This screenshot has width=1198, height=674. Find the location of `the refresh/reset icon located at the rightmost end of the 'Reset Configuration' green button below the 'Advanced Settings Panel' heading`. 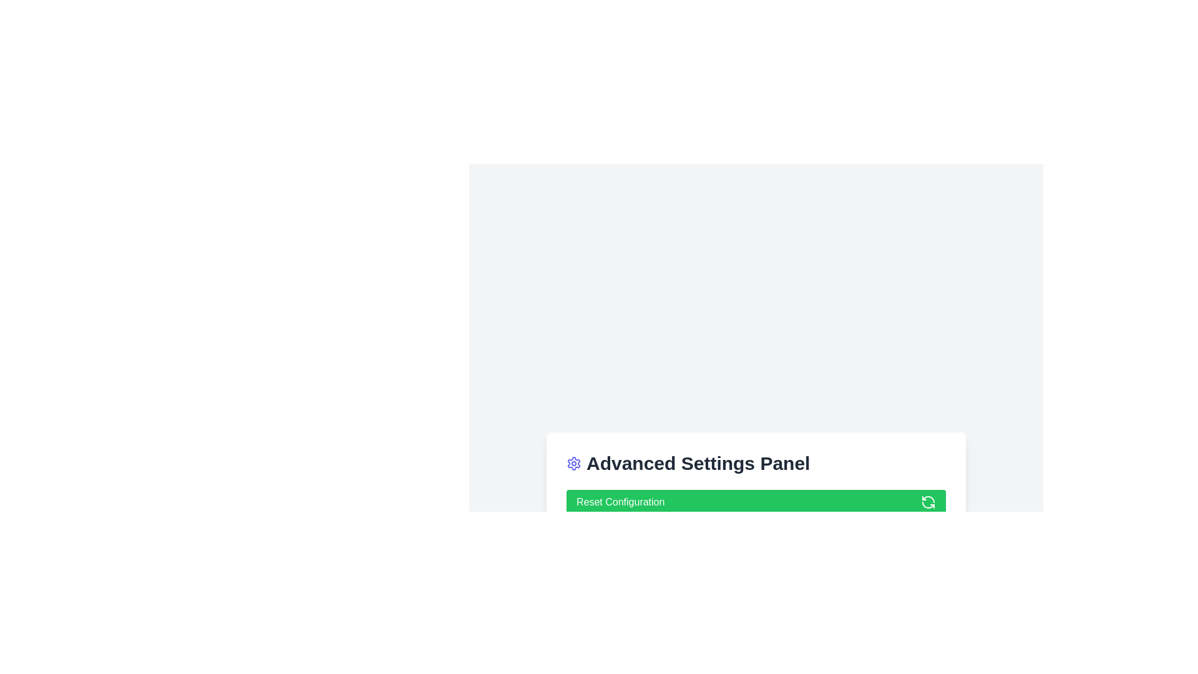

the refresh/reset icon located at the rightmost end of the 'Reset Configuration' green button below the 'Advanced Settings Panel' heading is located at coordinates (928, 502).